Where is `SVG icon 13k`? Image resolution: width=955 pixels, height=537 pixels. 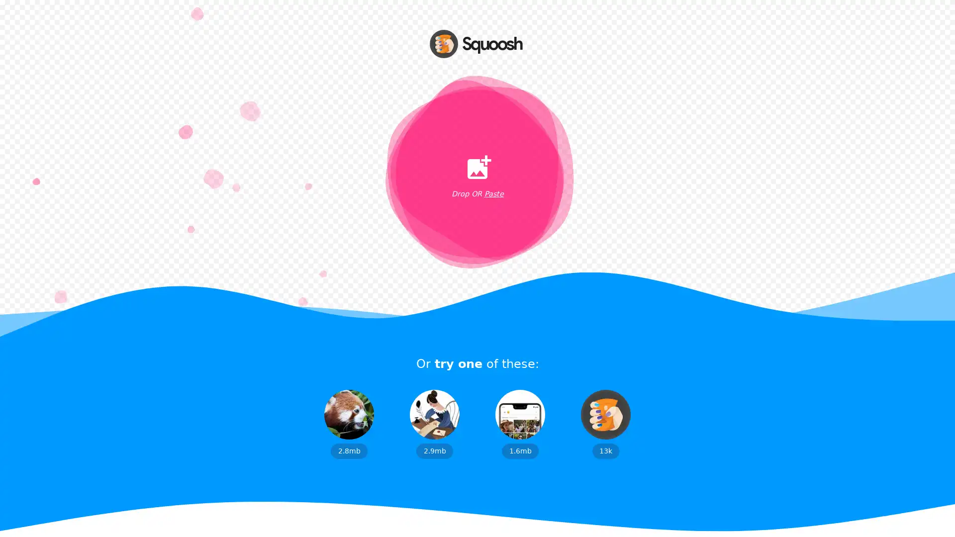
SVG icon 13k is located at coordinates (605, 424).